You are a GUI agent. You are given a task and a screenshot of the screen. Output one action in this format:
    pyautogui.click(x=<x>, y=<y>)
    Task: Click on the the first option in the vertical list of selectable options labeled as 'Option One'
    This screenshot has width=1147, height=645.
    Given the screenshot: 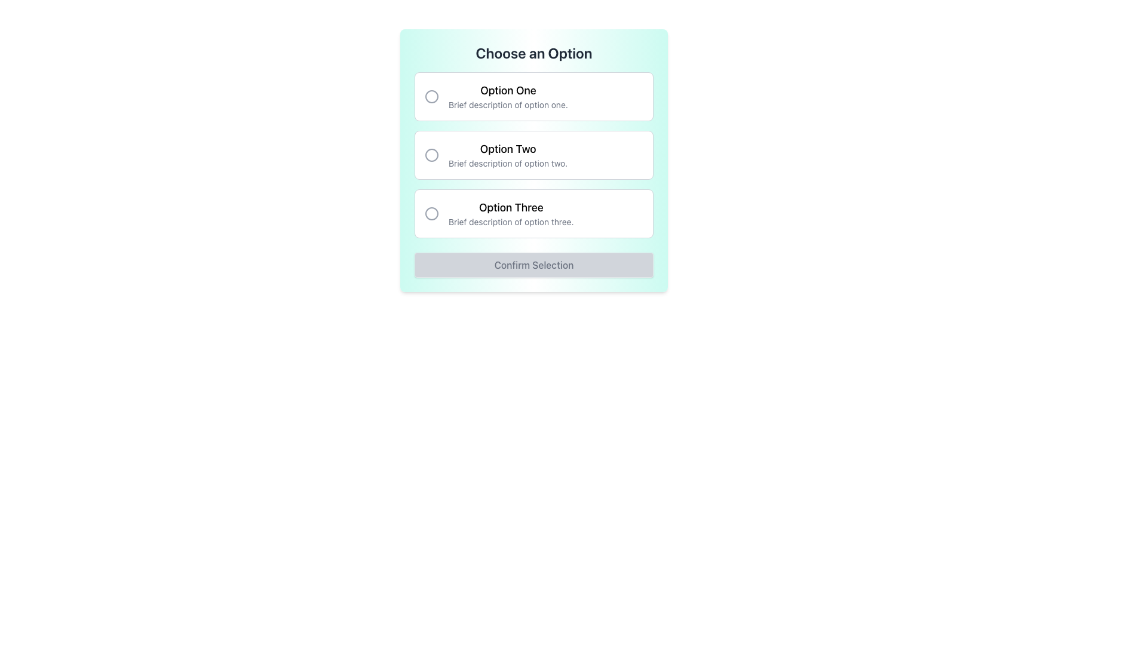 What is the action you would take?
    pyautogui.click(x=533, y=96)
    